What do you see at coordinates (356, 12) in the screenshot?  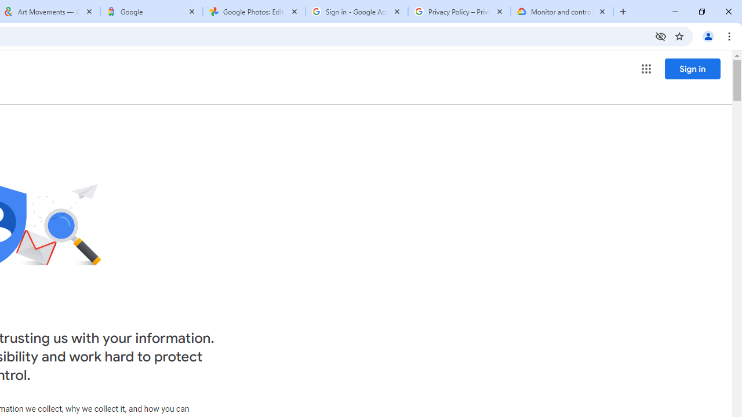 I see `'Sign in - Google Accounts'` at bounding box center [356, 12].